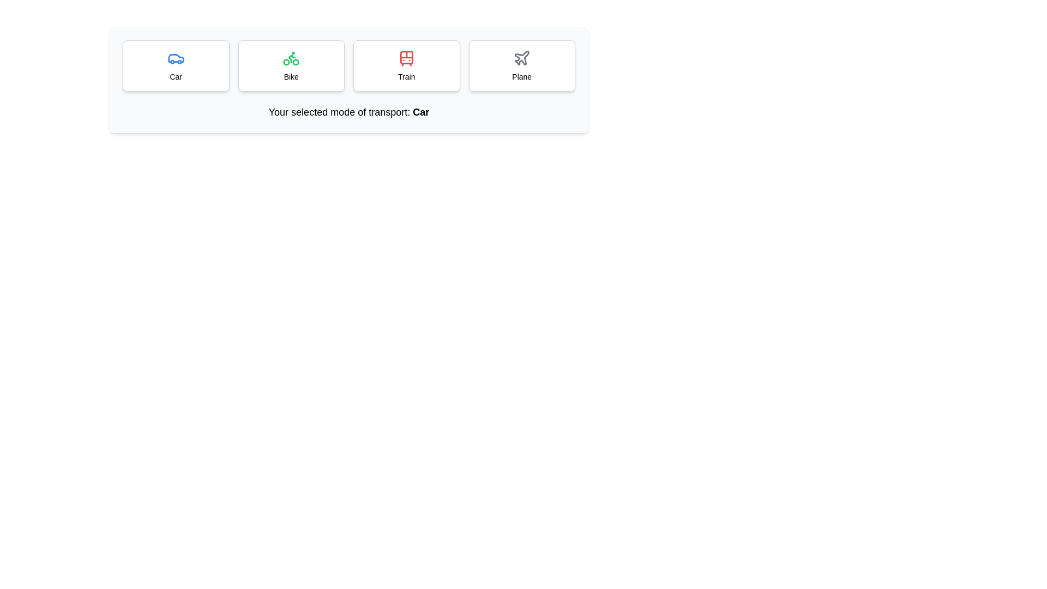 The width and height of the screenshot is (1047, 589). Describe the element at coordinates (296, 62) in the screenshot. I see `the small circle with a green stroke representing the right wheel of the bike in the second button from the left of the transport mode options` at that location.